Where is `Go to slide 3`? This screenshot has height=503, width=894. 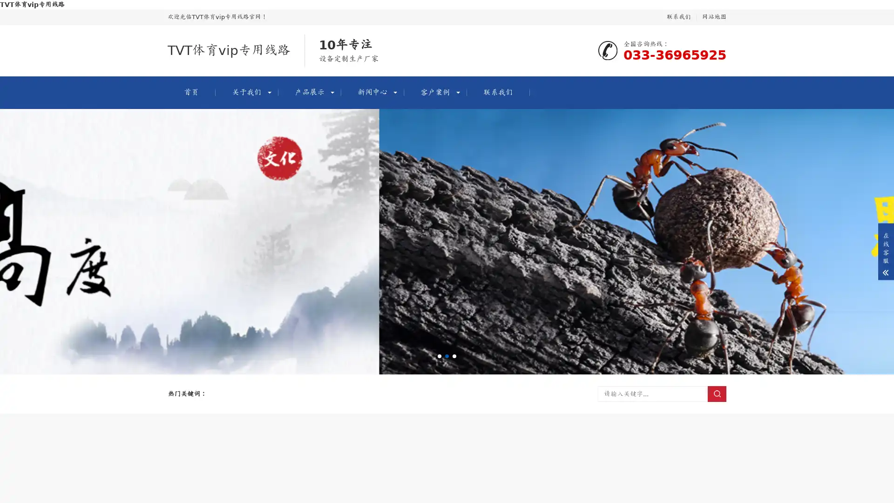
Go to slide 3 is located at coordinates (454, 356).